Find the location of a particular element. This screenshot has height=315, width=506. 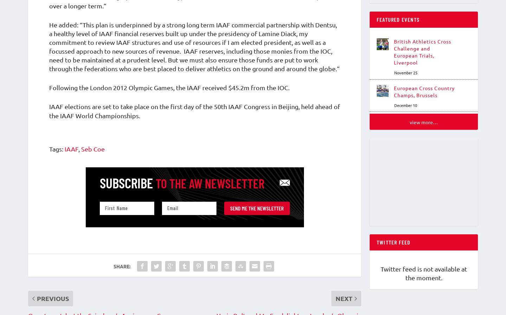

'Twitter Feed' is located at coordinates (393, 246).